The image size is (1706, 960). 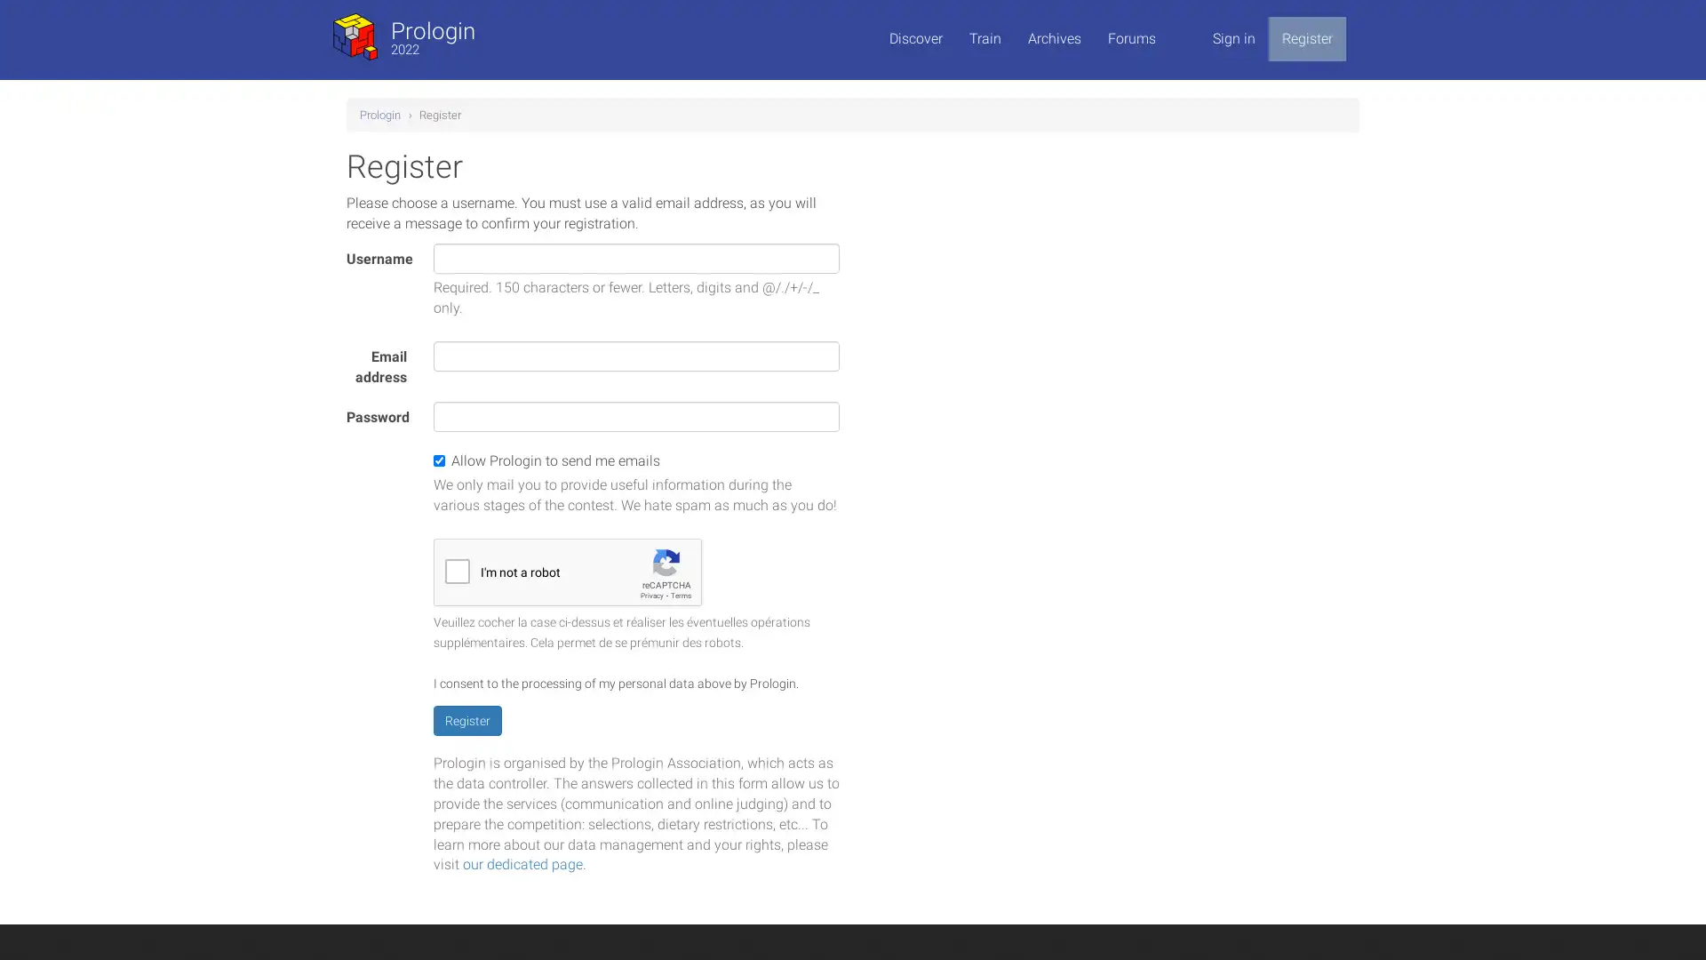 I want to click on Register, so click(x=466, y=720).